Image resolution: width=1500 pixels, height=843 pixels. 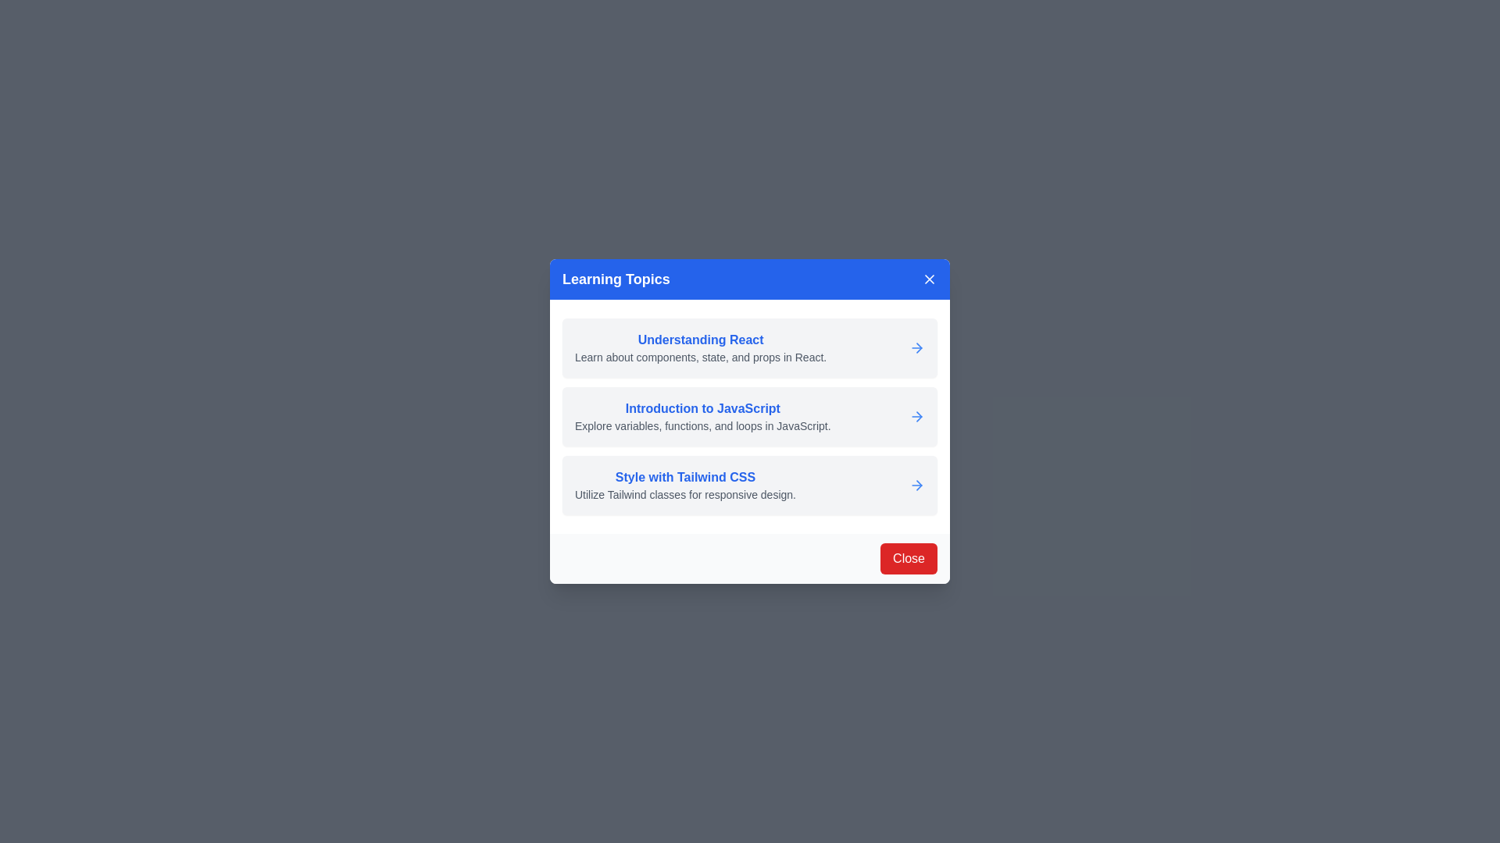 I want to click on the close button located at the bottom-right corner of the 'Learning Topics' modal dialog, so click(x=909, y=558).